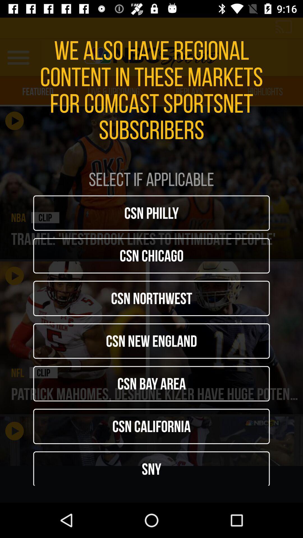 Image resolution: width=303 pixels, height=538 pixels. What do you see at coordinates (151, 298) in the screenshot?
I see `the icon above csn new england item` at bounding box center [151, 298].